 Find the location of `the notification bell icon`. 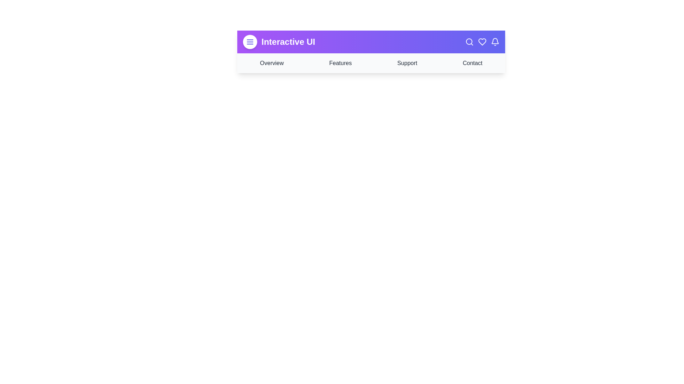

the notification bell icon is located at coordinates (495, 42).